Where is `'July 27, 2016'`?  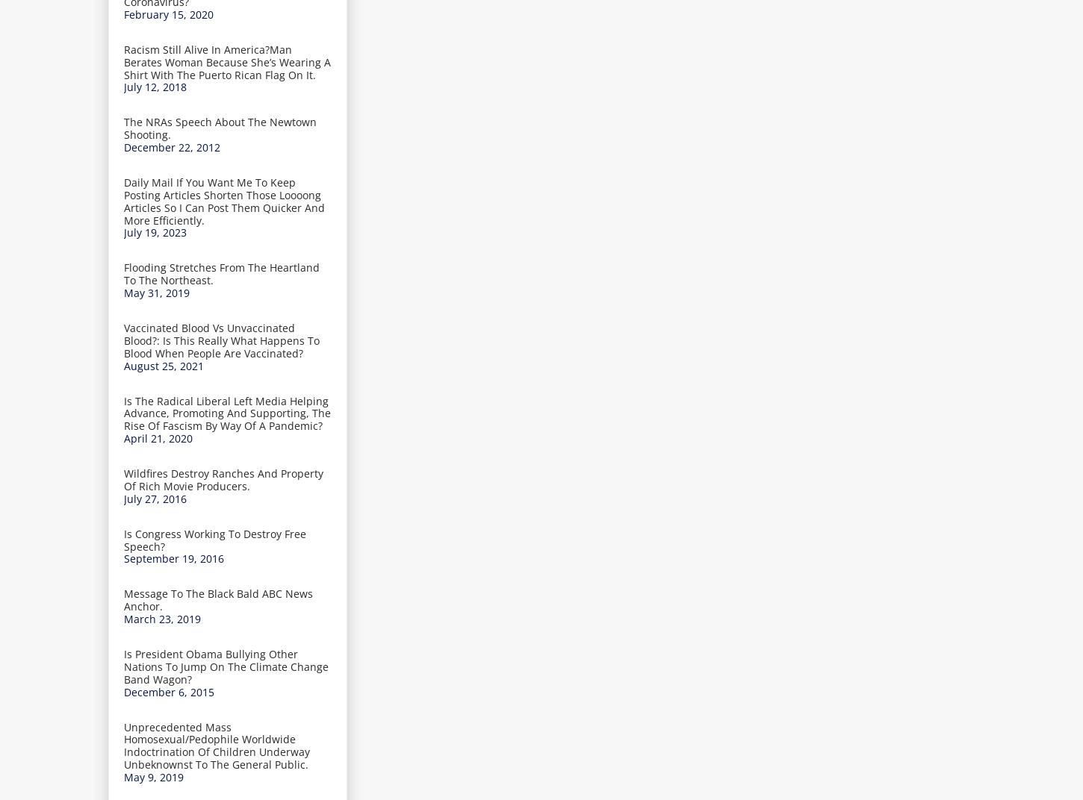 'July 27, 2016' is located at coordinates (123, 498).